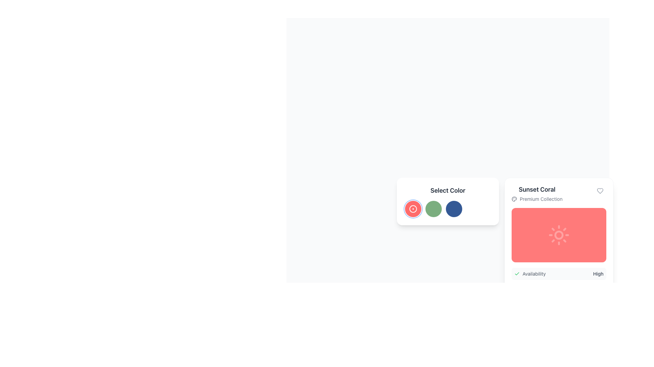 The height and width of the screenshot is (367, 654). What do you see at coordinates (600, 191) in the screenshot?
I see `the interactive 'like' button in the top right corner of the 'Sunset Coral Premium Collection' card` at bounding box center [600, 191].